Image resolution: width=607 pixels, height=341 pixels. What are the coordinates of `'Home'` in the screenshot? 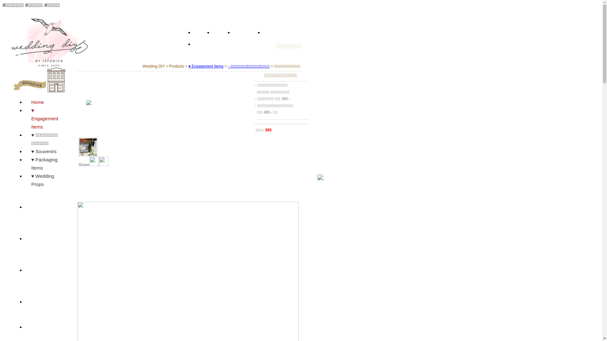 It's located at (46, 102).